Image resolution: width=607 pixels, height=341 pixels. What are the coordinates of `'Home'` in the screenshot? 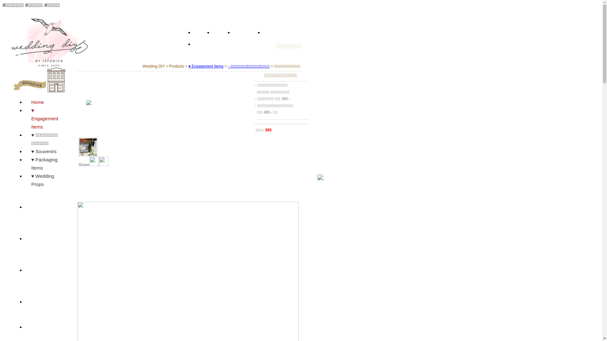 It's located at (46, 102).